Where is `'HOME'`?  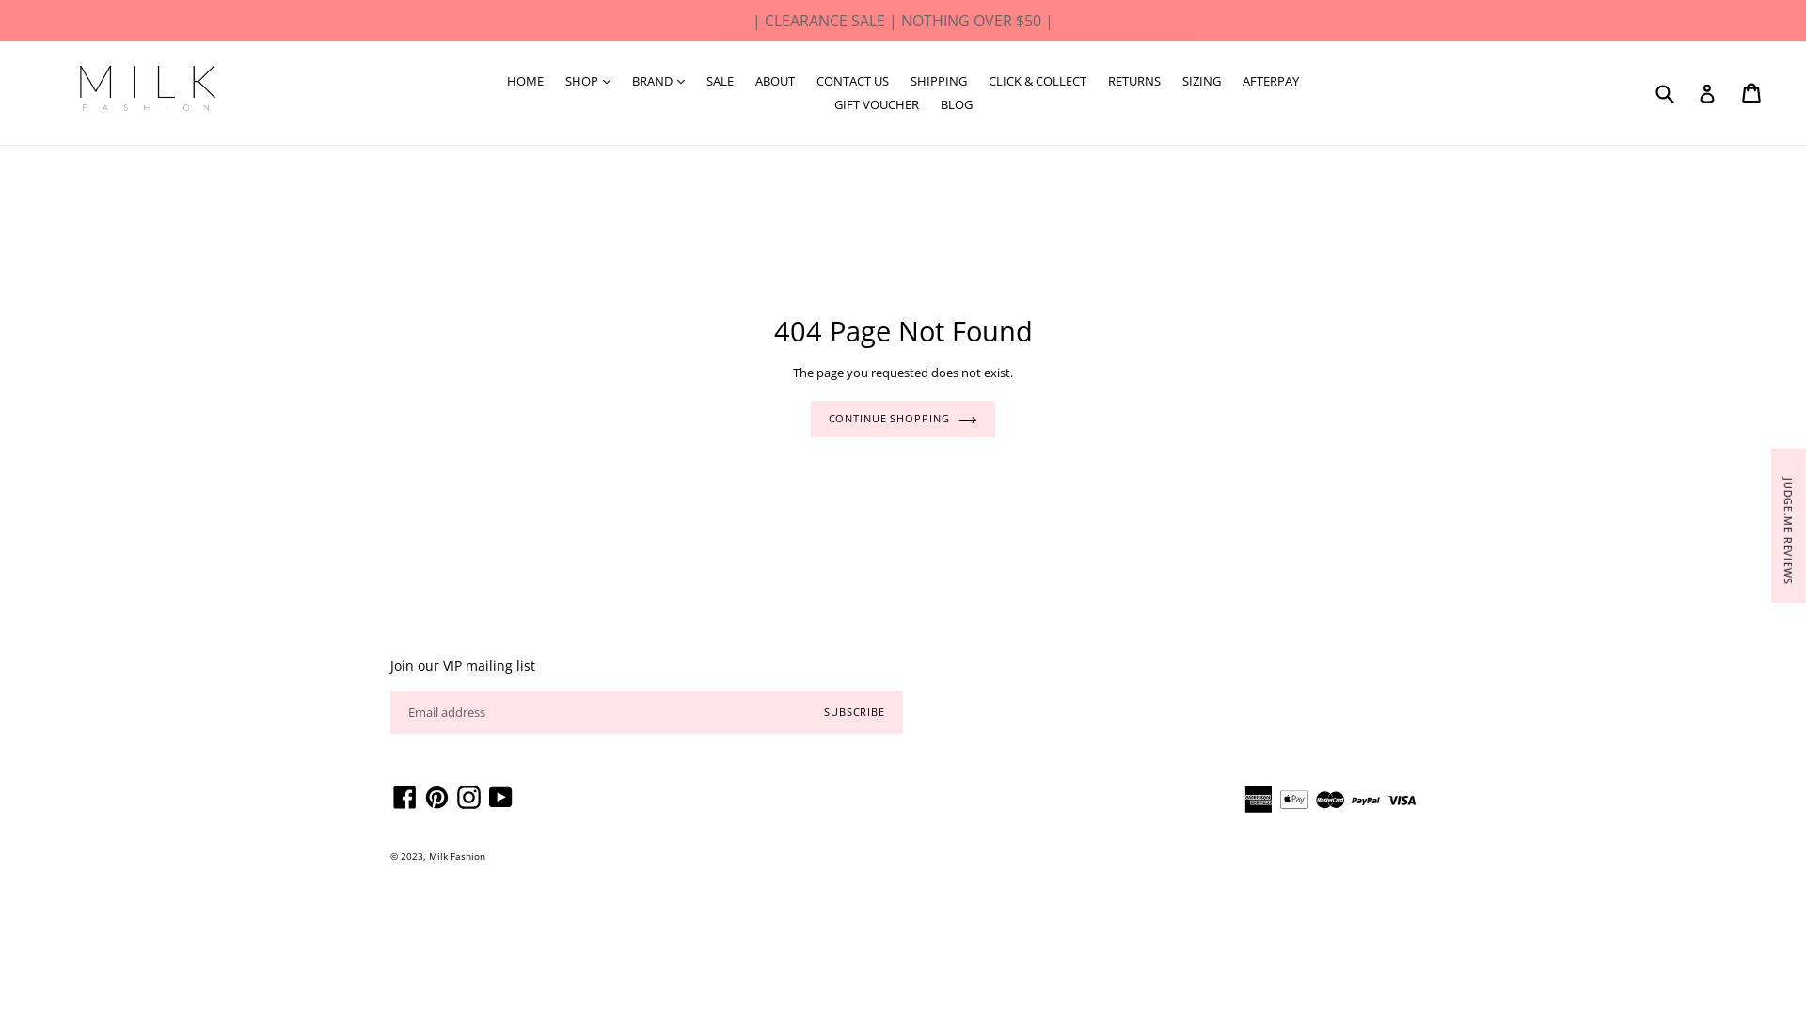
'HOME' is located at coordinates (525, 81).